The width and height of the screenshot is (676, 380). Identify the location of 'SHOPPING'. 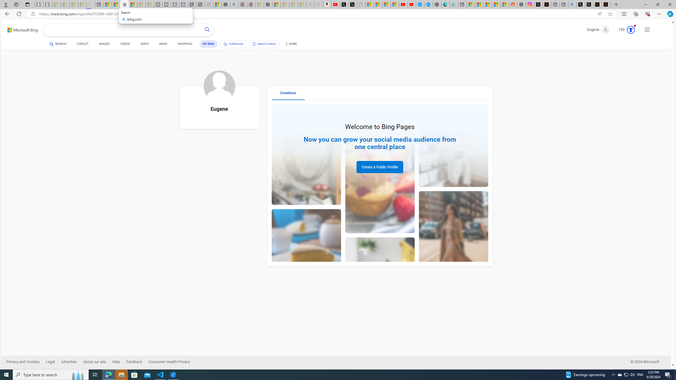
(185, 44).